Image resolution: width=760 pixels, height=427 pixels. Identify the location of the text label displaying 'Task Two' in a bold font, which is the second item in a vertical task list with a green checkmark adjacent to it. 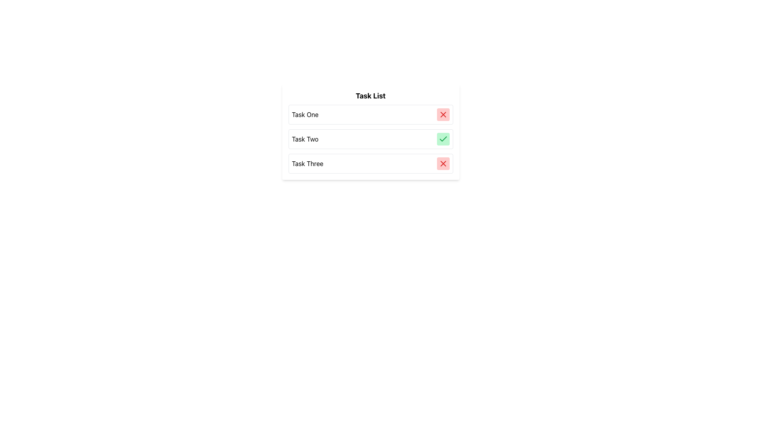
(305, 138).